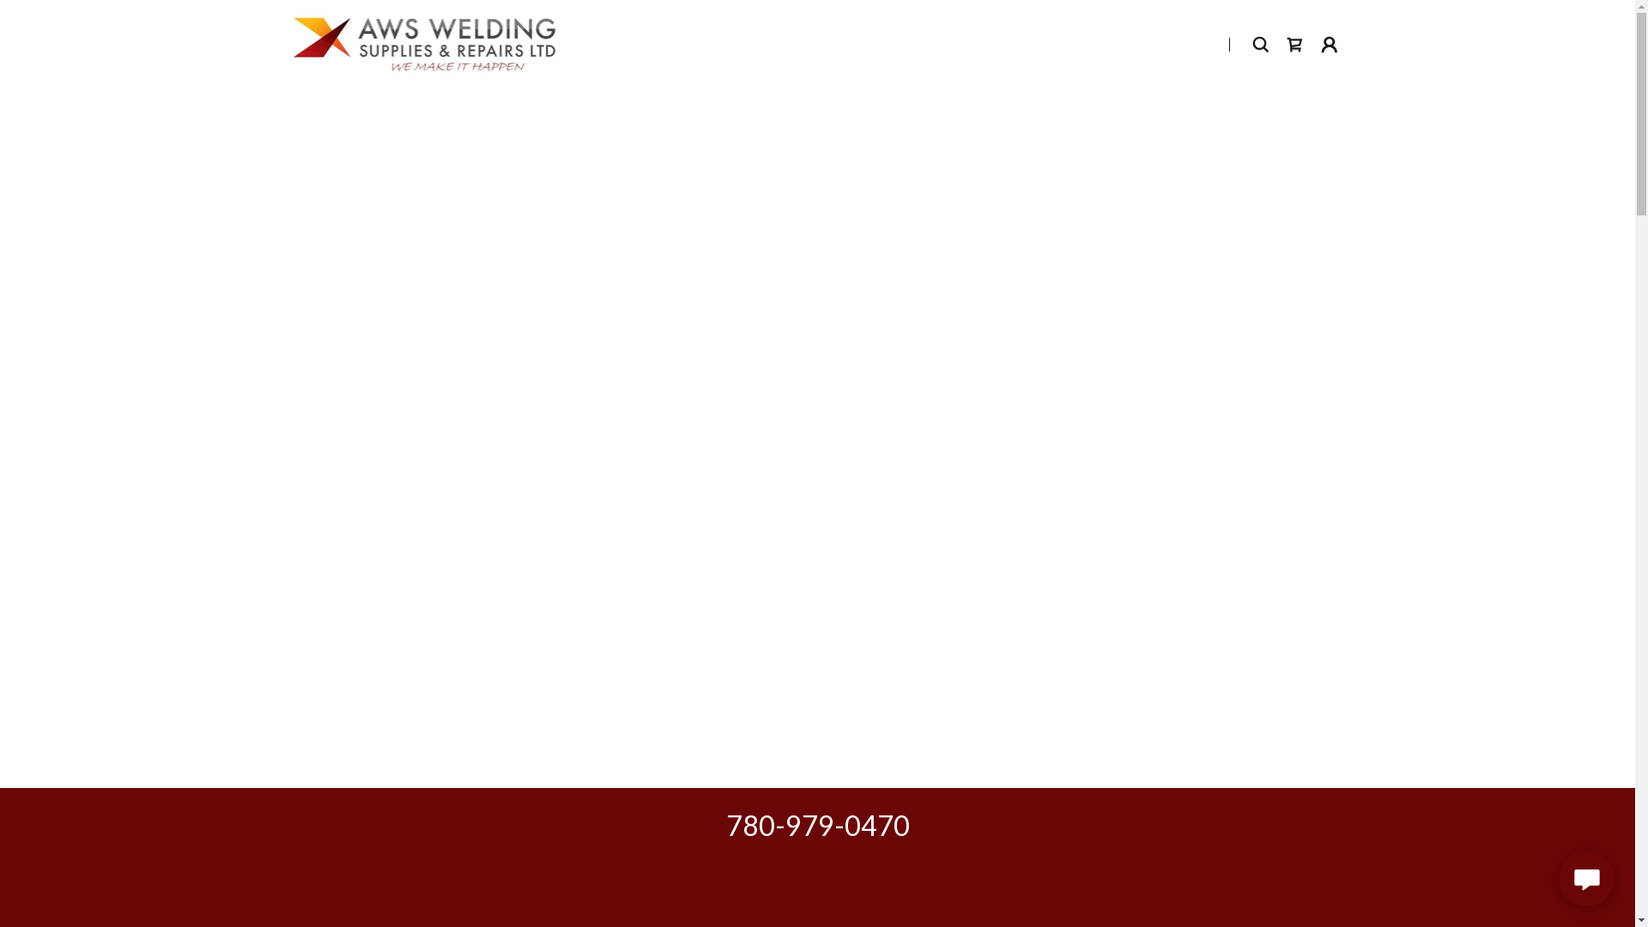 This screenshot has width=1648, height=927. What do you see at coordinates (424, 41) in the screenshot?
I see `'AWS Welding Supplies & Repairs Ltd.'` at bounding box center [424, 41].